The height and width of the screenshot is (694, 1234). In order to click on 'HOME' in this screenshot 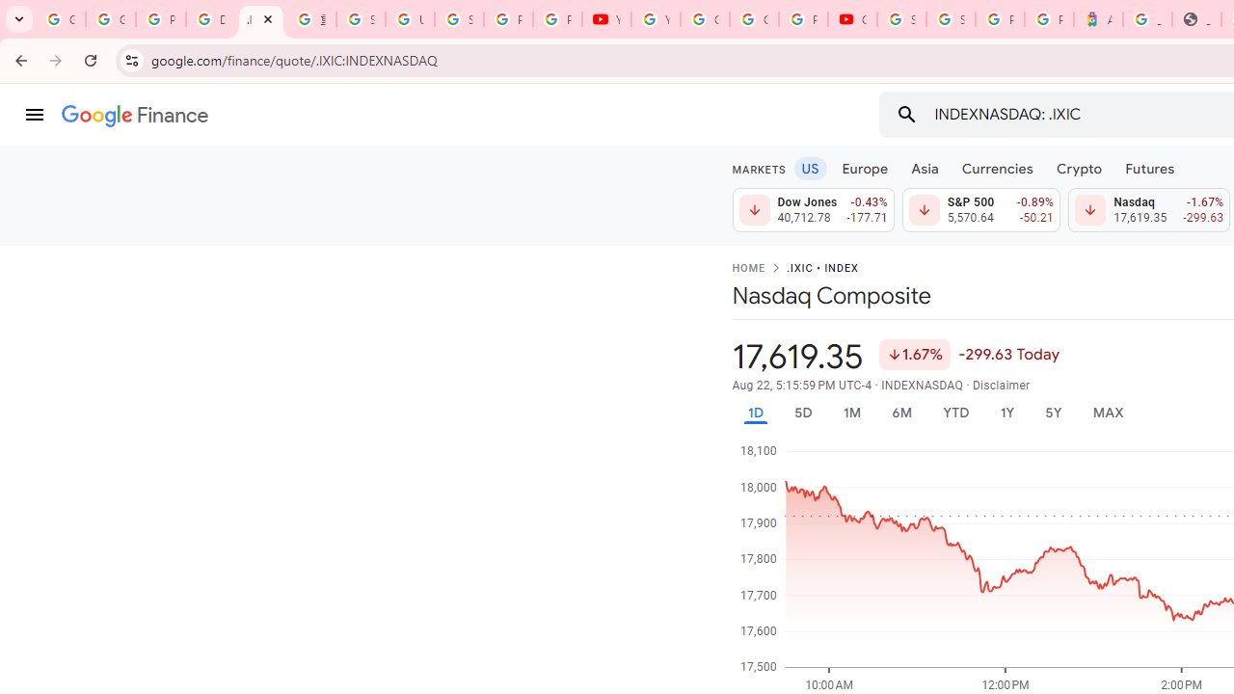, I will do `click(747, 269)`.